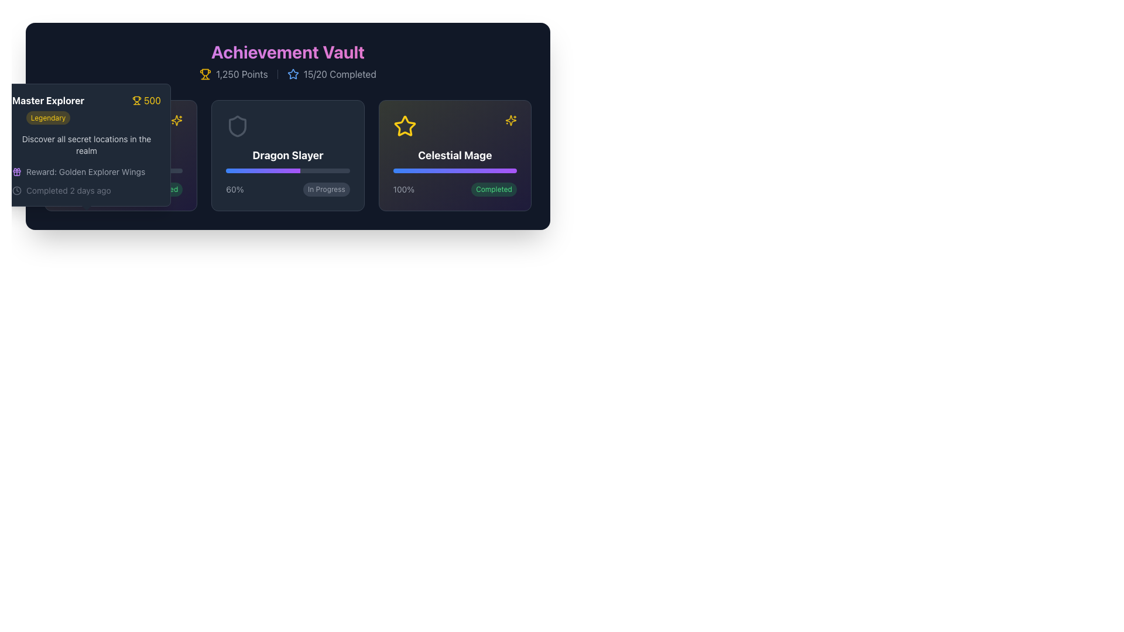  Describe the element at coordinates (511, 120) in the screenshot. I see `the decorative icon of the 'Celestial Mage' achievement card located at the top right inside the card area` at that location.